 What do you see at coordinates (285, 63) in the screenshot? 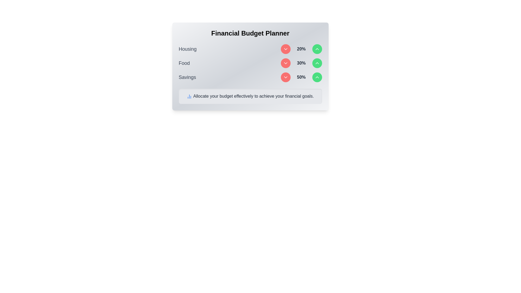
I see `the chevron icon next to the 'Food' budget category` at bounding box center [285, 63].